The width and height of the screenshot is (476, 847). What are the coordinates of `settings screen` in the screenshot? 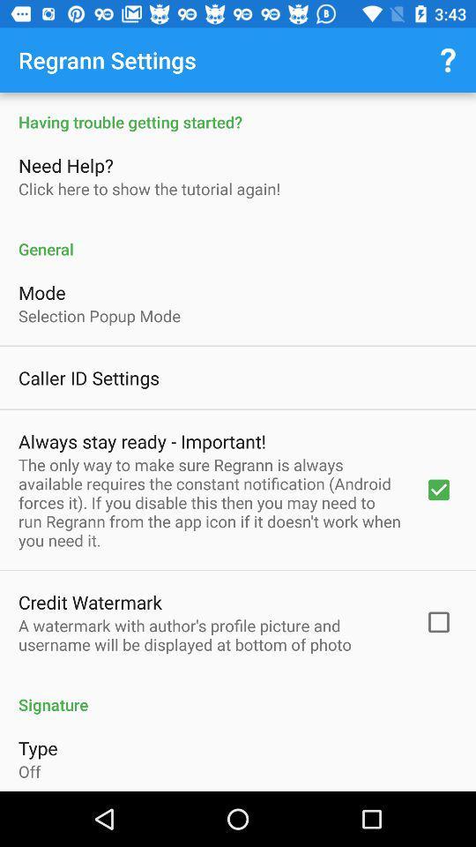 It's located at (238, 441).